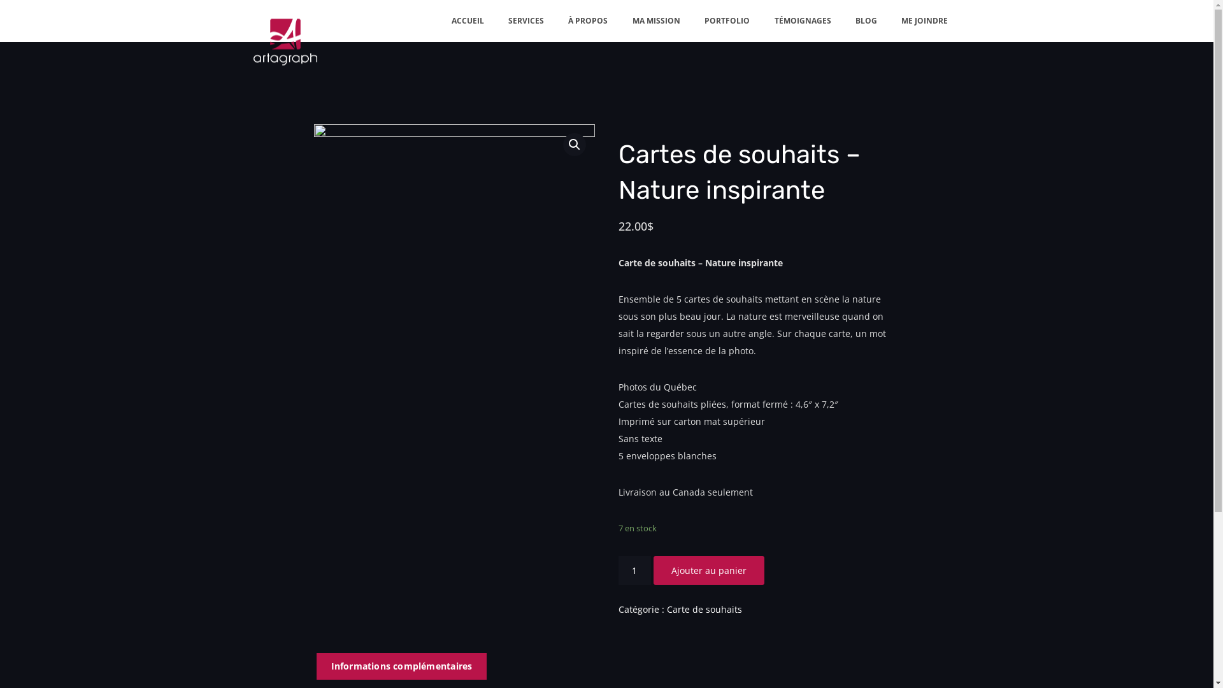 The width and height of the screenshot is (1223, 688). What do you see at coordinates (526, 21) in the screenshot?
I see `'SERVICES'` at bounding box center [526, 21].